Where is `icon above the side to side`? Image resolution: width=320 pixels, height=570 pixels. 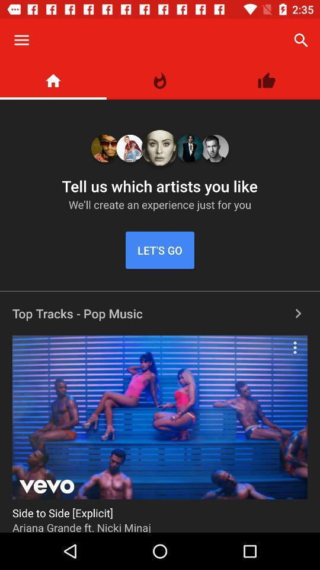
icon above the side to side is located at coordinates (294, 347).